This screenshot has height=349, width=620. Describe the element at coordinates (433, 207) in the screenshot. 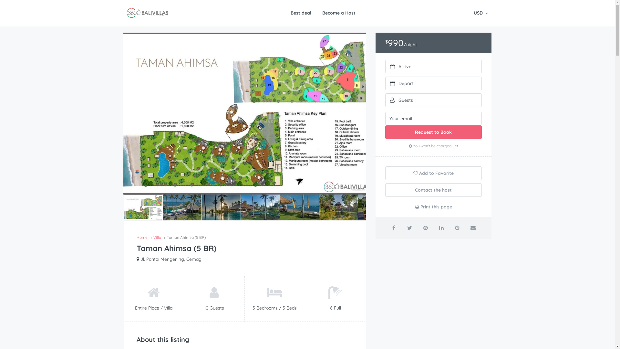

I see `'Print this page'` at that location.